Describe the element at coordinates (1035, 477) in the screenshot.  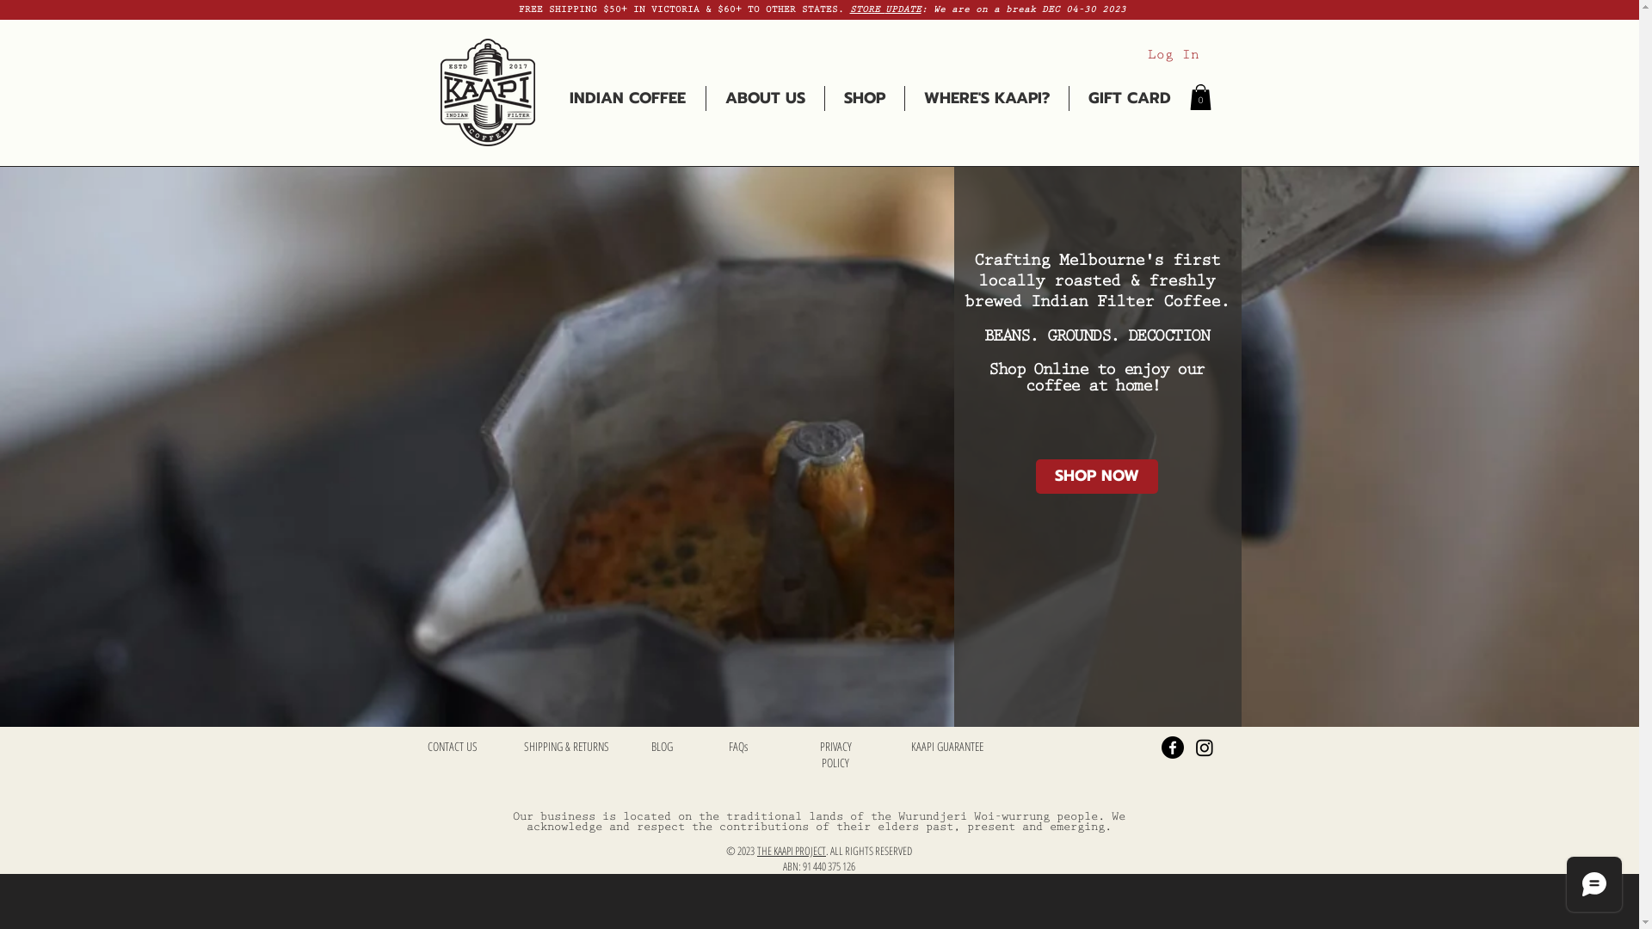
I see `'SHOP NOW'` at that location.